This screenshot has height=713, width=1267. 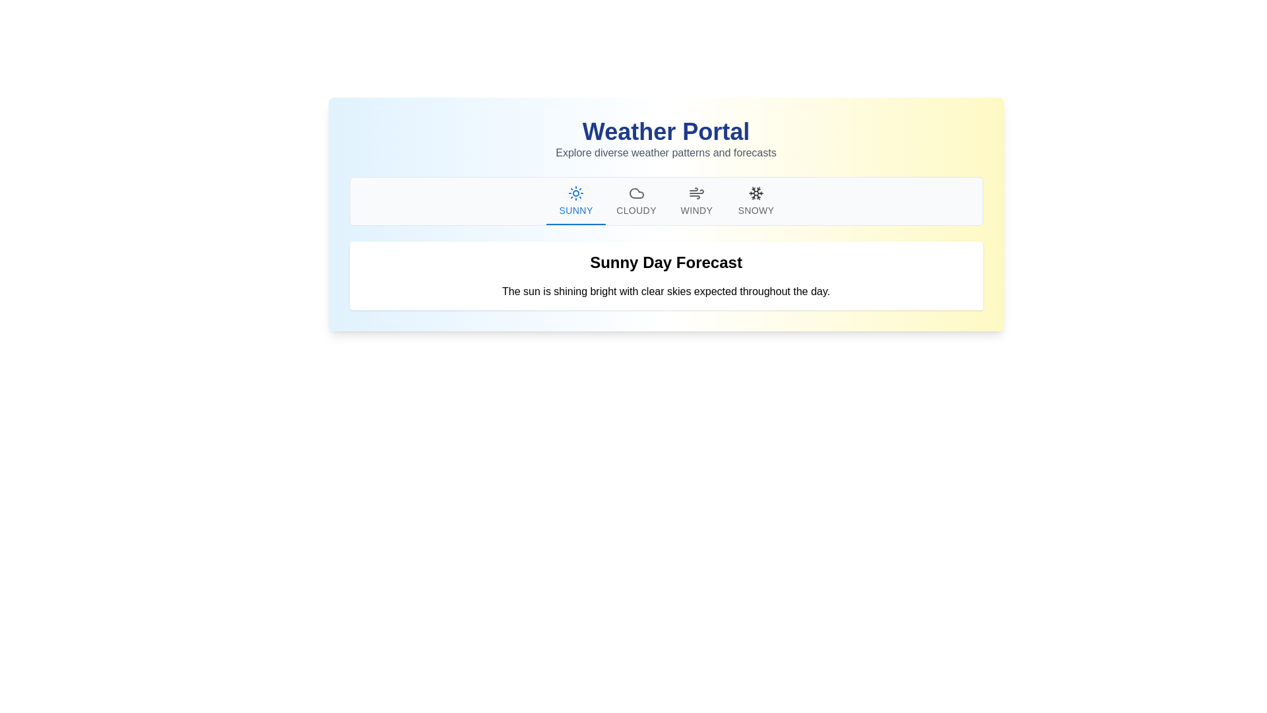 I want to click on the 'Cloudy' icon in the navigation bar of the 'Weather Portal', which is the second tab among four options, so click(x=636, y=193).